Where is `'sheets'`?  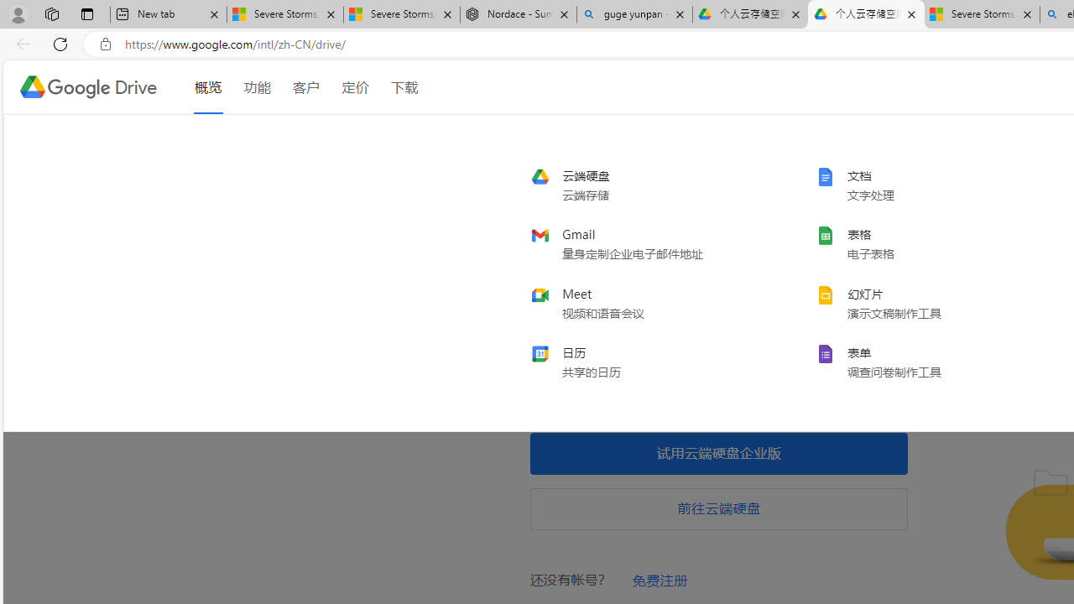 'sheets' is located at coordinates (926, 244).